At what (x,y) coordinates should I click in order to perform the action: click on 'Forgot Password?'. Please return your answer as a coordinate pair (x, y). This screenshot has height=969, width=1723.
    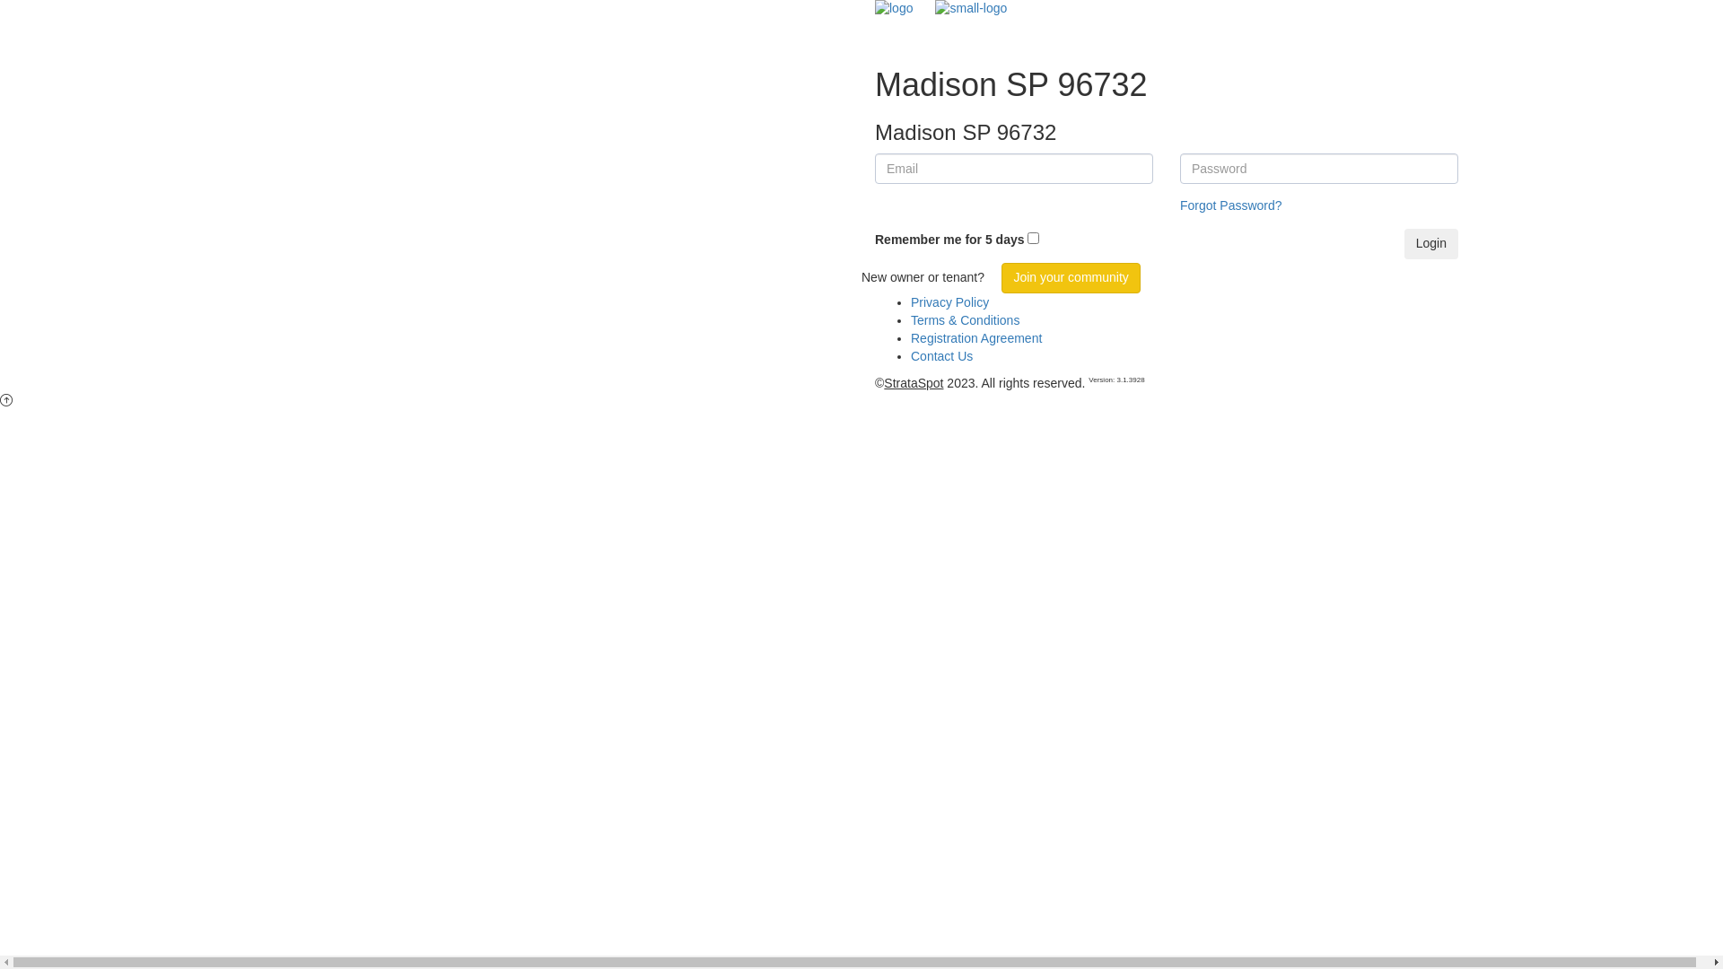
    Looking at the image, I should click on (1230, 204).